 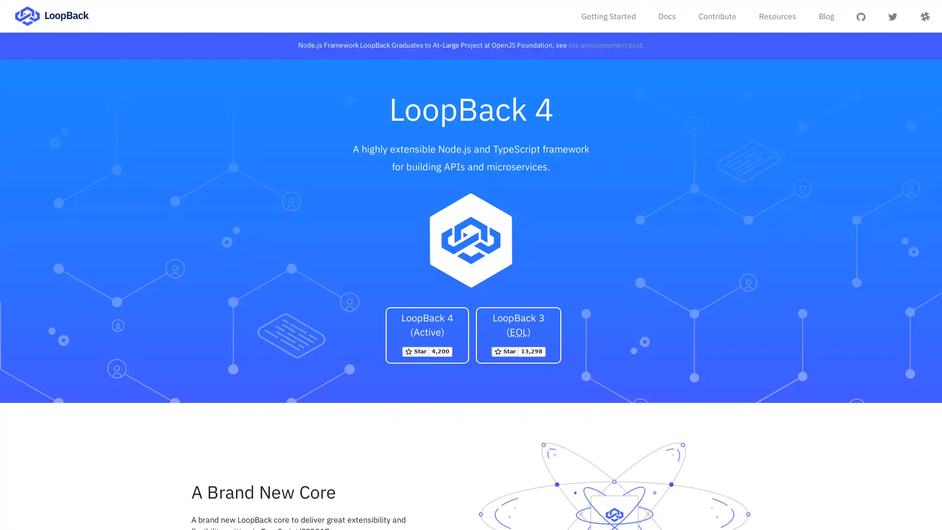 I want to click on LoopBack 4 (Active) Star loopbackio/loopback-next on GitHub 4200 stargazers on GitHub, so click(x=426, y=334).